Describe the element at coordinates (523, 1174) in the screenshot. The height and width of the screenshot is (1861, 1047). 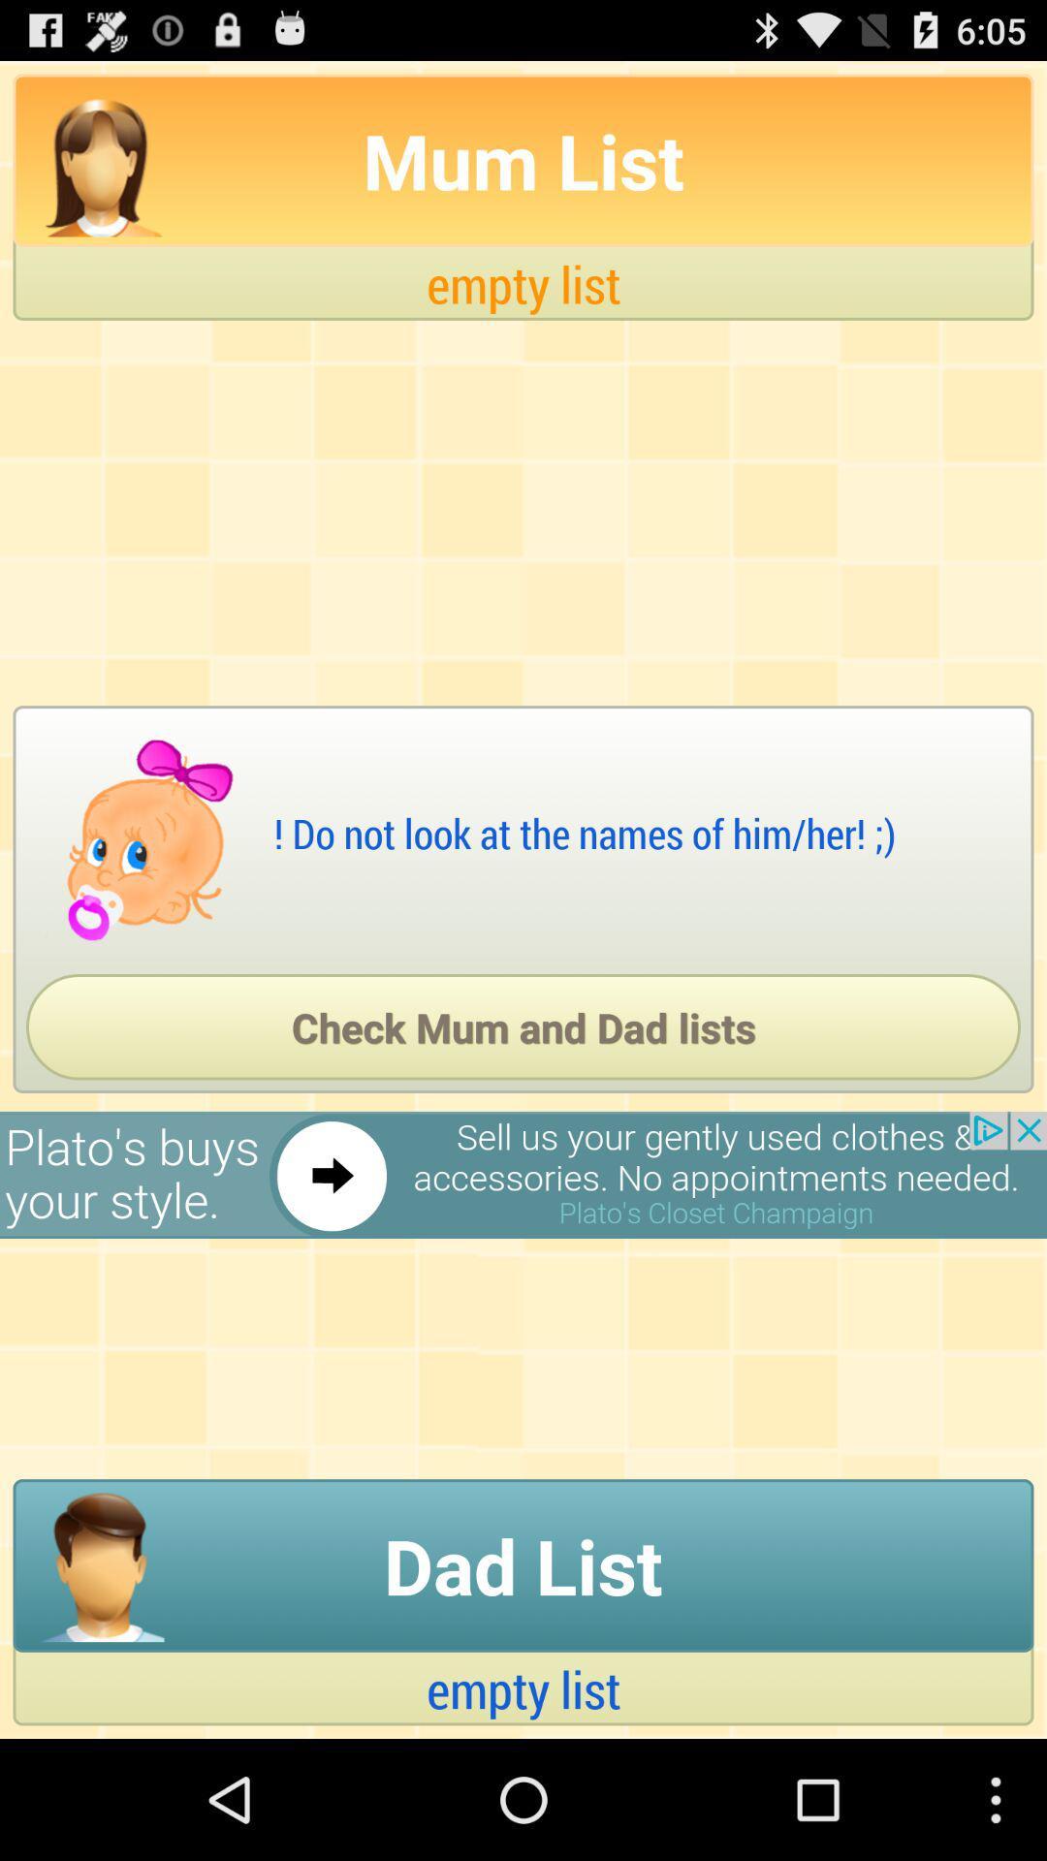
I see `advertisement` at that location.